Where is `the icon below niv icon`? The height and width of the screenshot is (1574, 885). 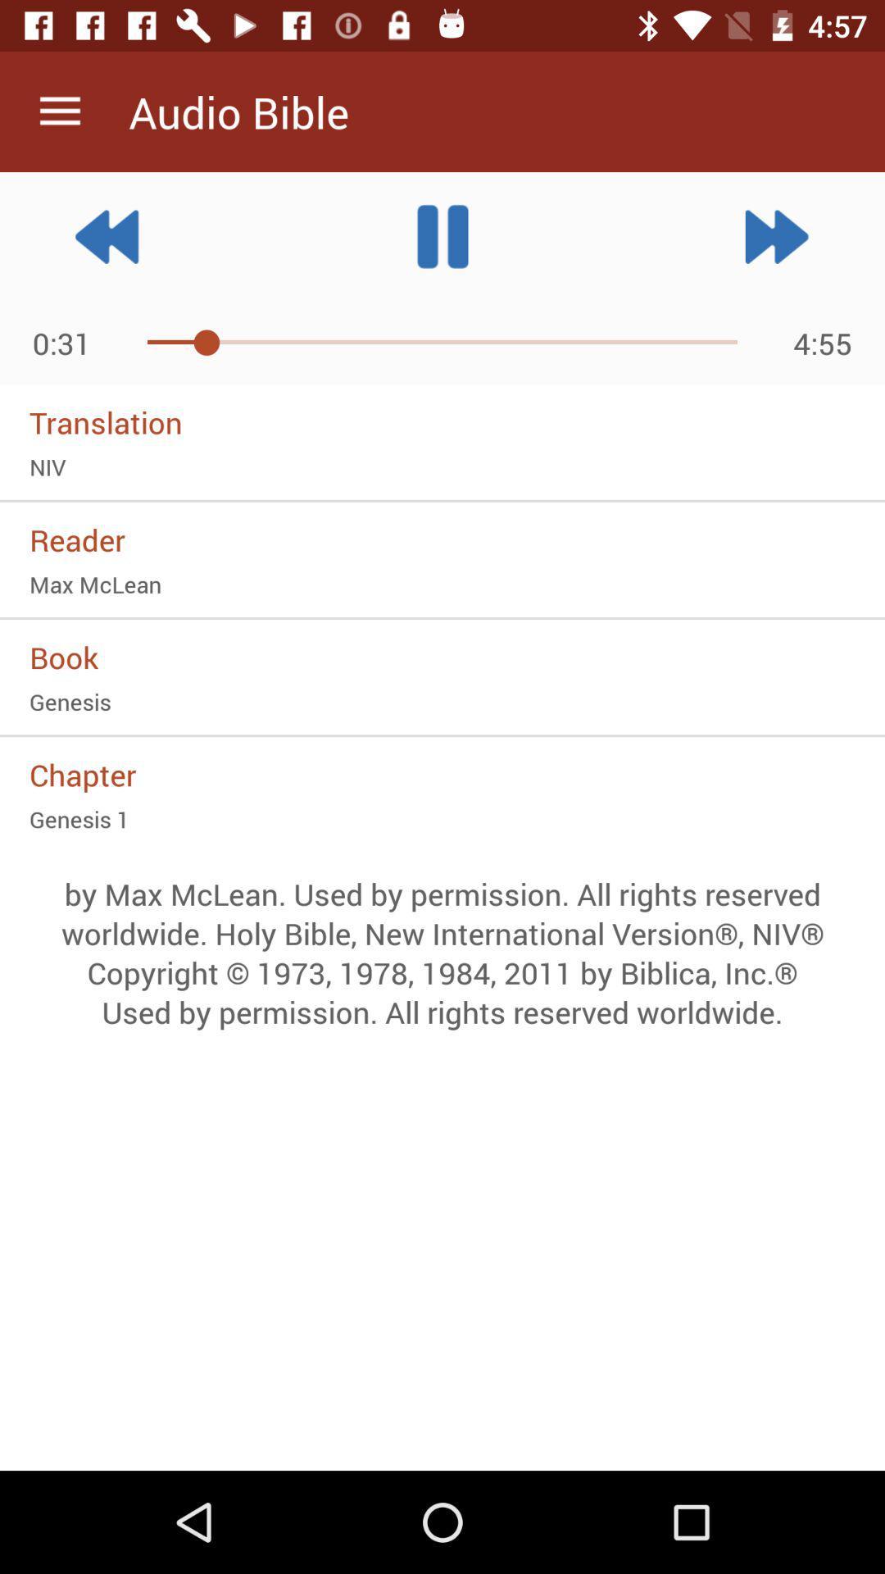
the icon below niv icon is located at coordinates (442, 539).